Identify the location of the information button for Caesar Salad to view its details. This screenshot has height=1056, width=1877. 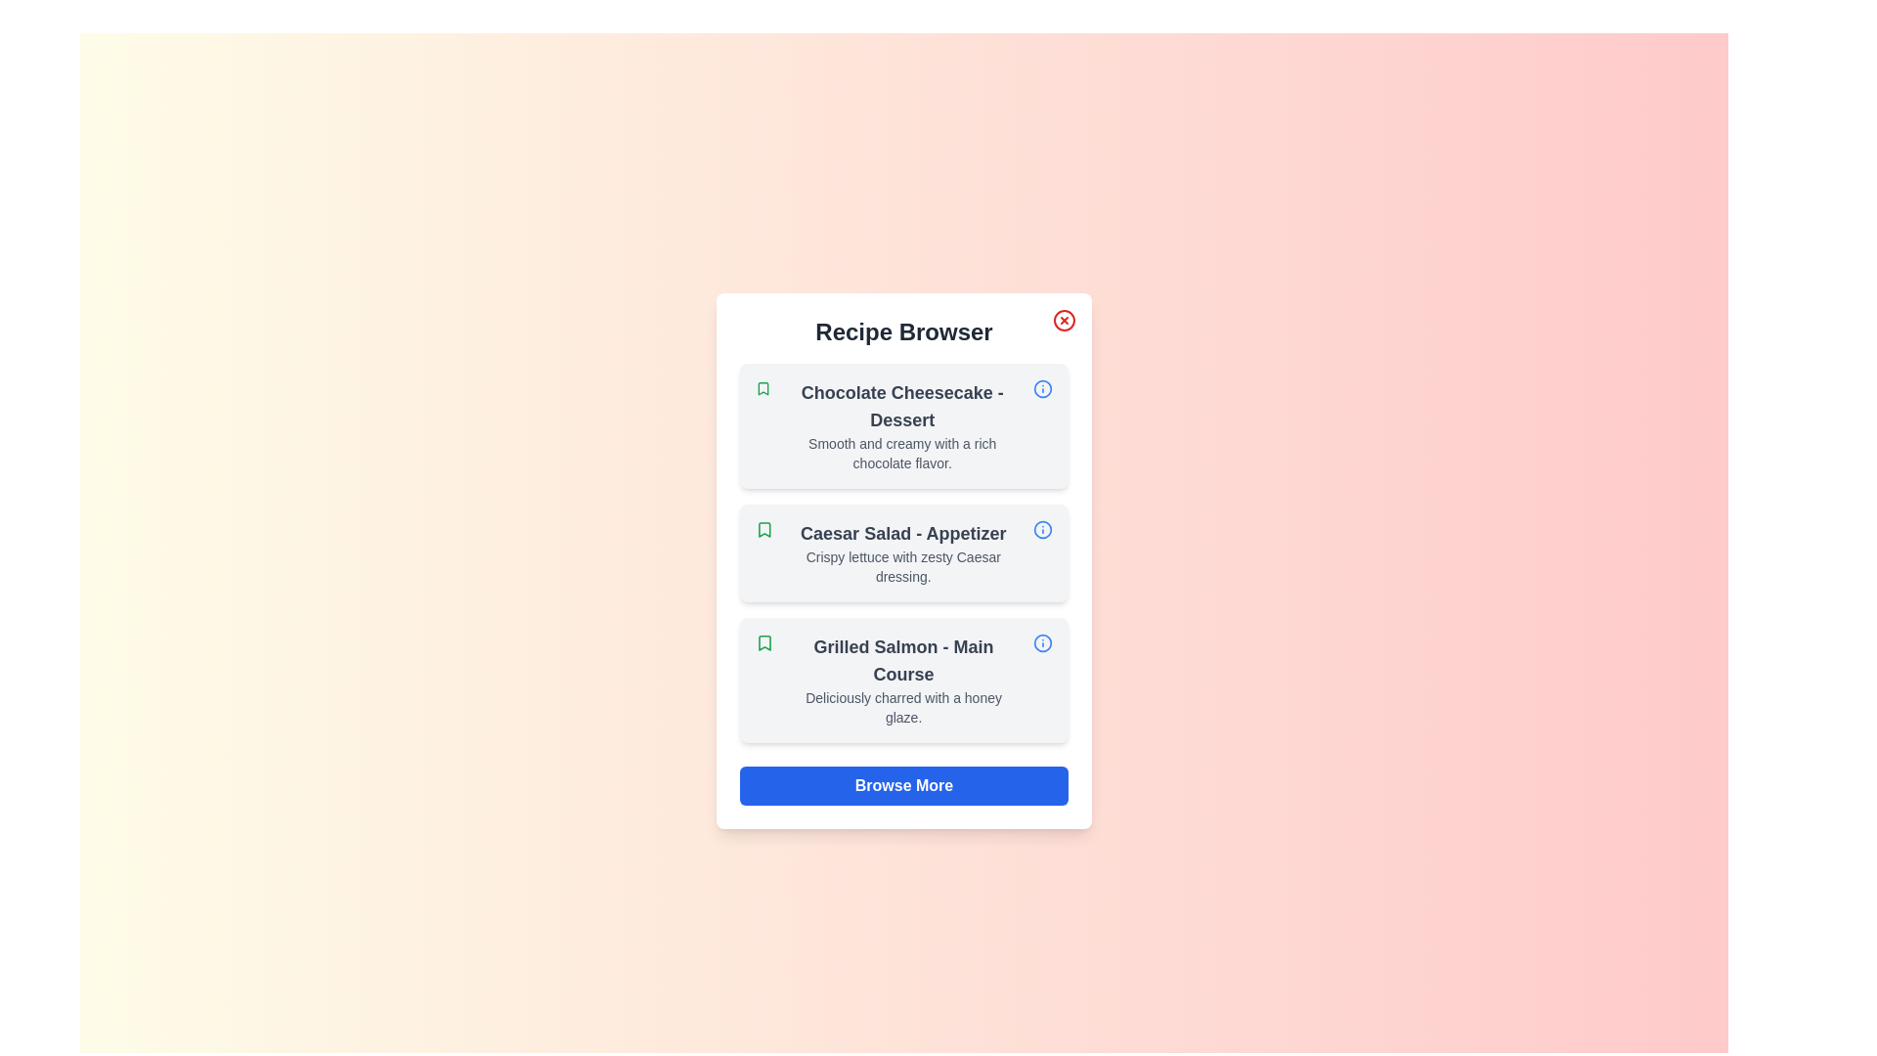
(1041, 530).